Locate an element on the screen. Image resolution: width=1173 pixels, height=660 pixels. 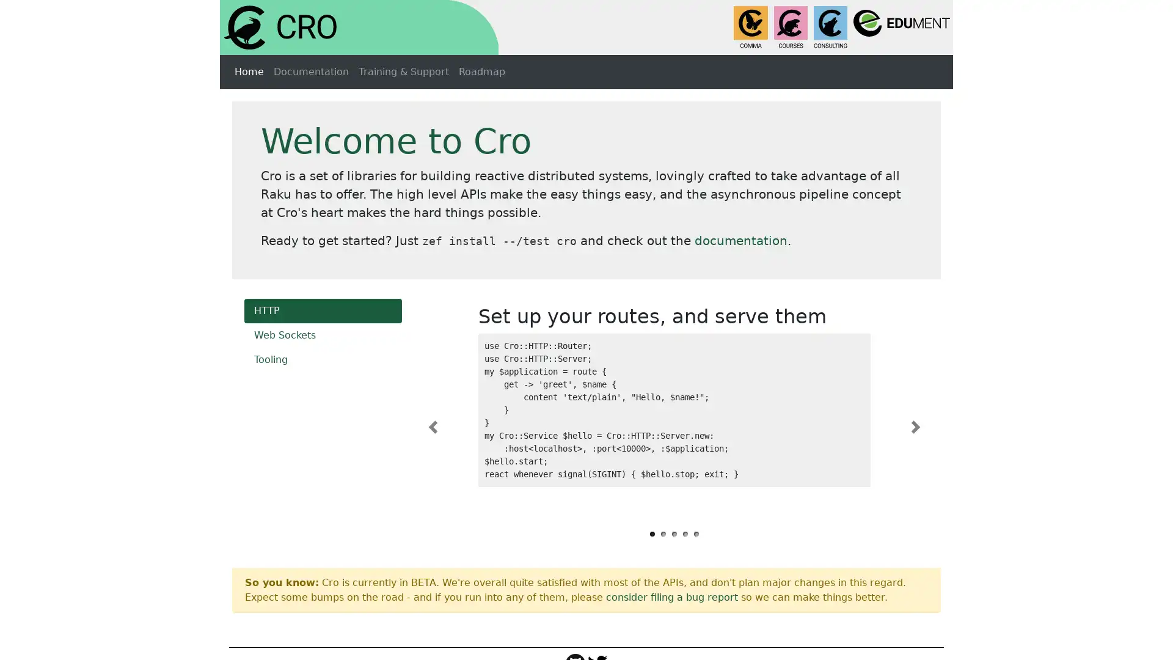
Next is located at coordinates (915, 426).